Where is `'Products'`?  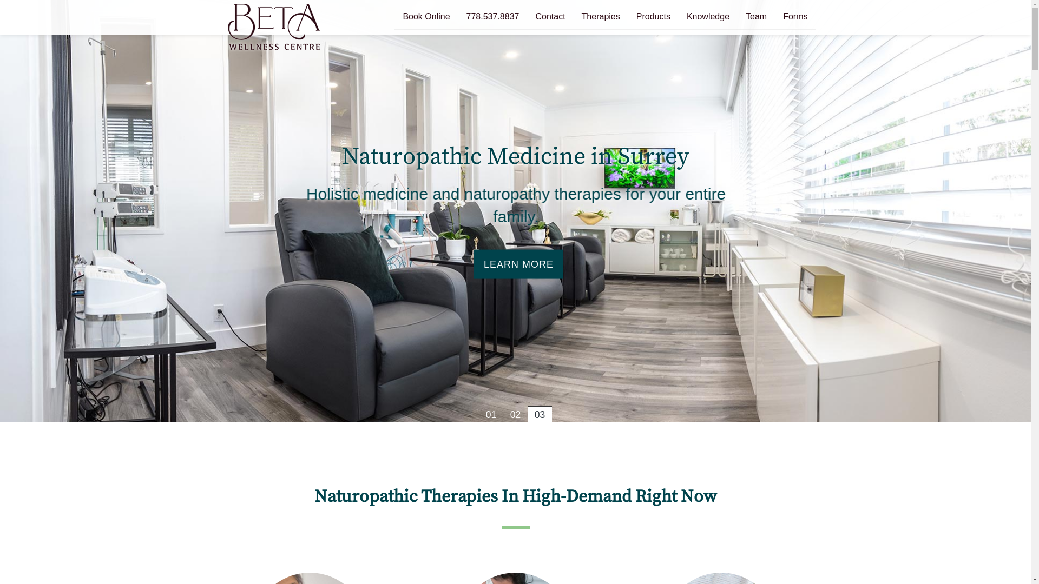 'Products' is located at coordinates (653, 18).